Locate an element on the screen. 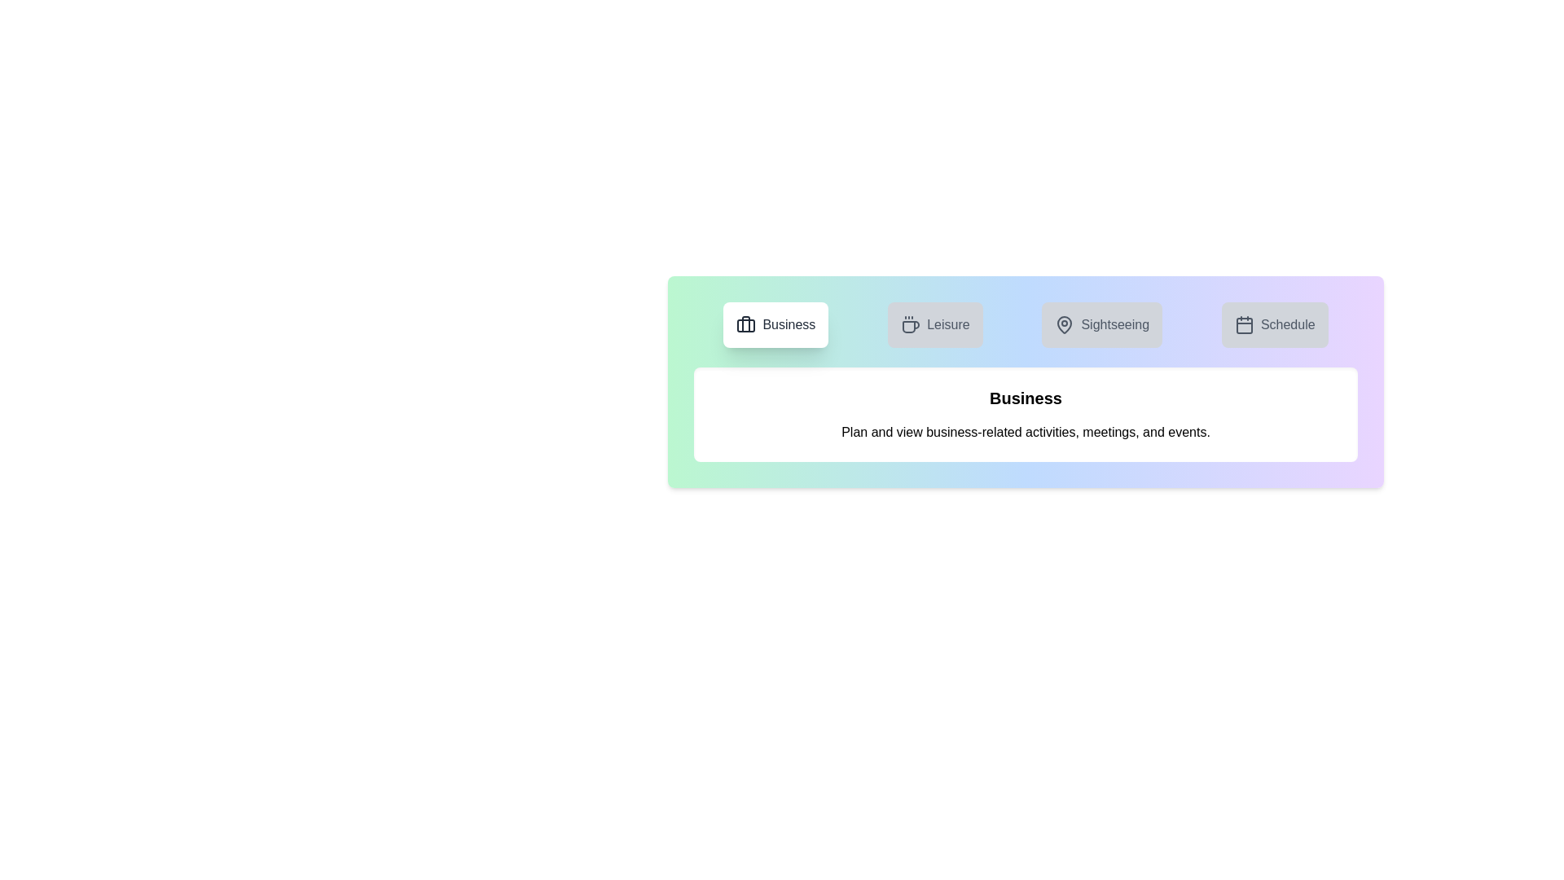  the tab corresponding to Sightseeing is located at coordinates (1102, 324).